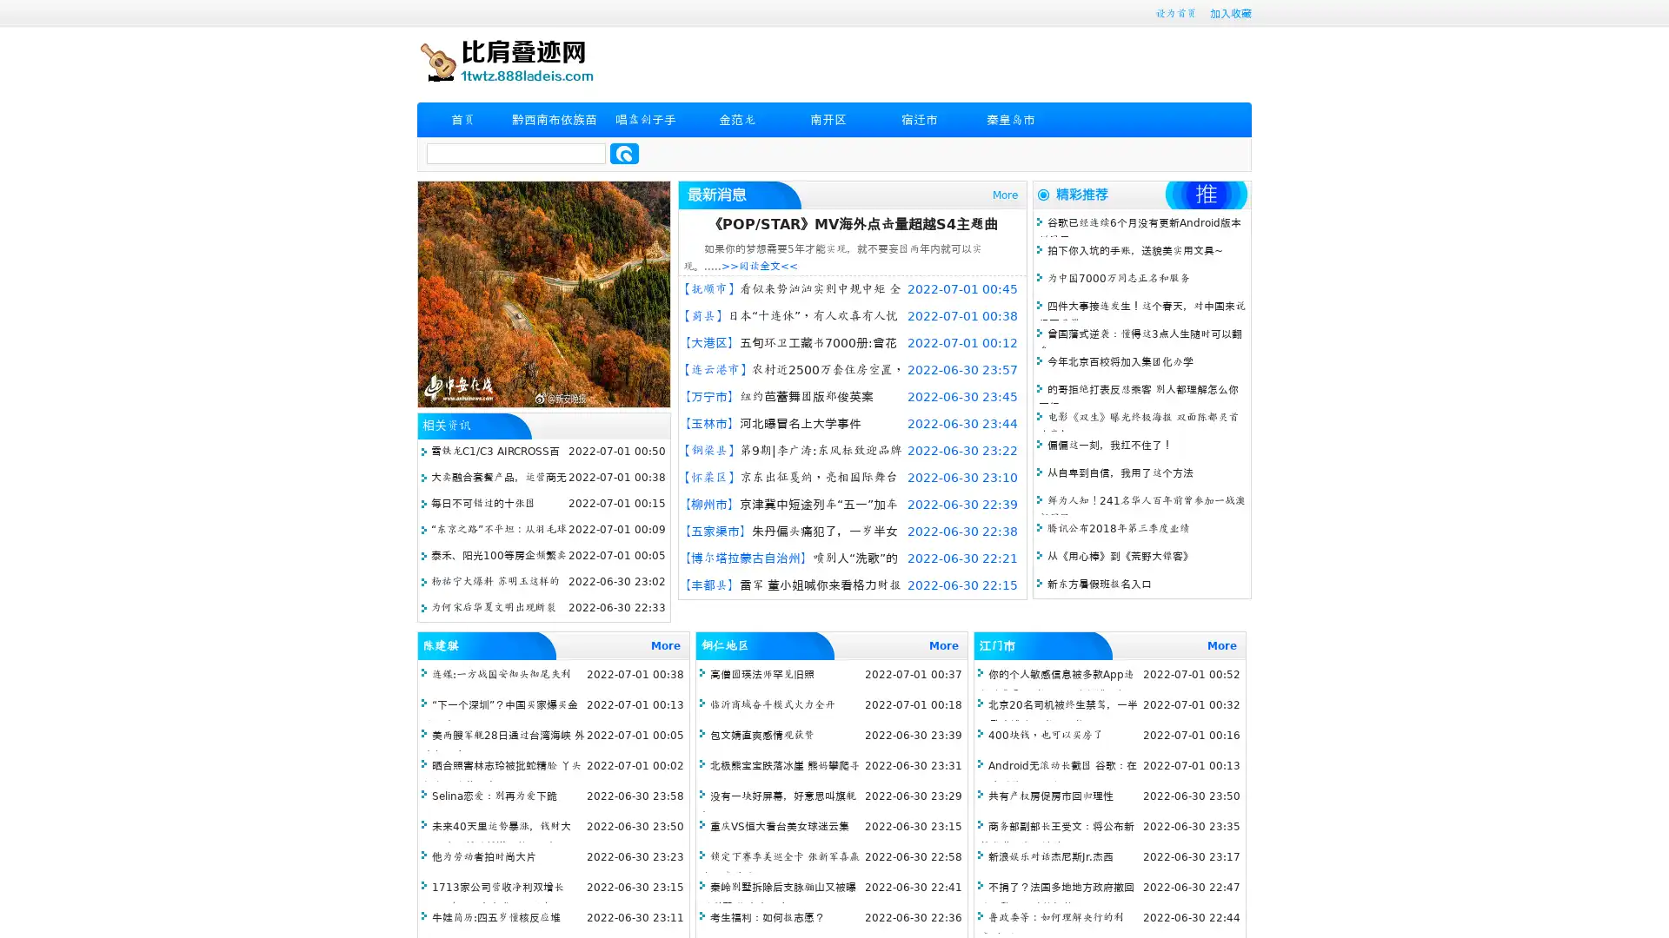 The width and height of the screenshot is (1669, 938). I want to click on Search, so click(624, 153).